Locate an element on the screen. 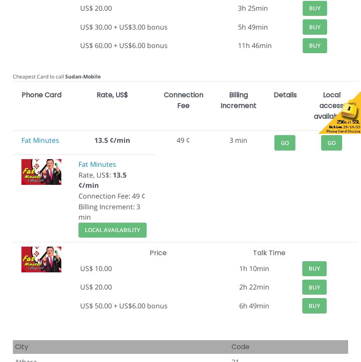 The width and height of the screenshot is (361, 362). 'US$ 60.00             + US$6.00 bonus' is located at coordinates (123, 44).